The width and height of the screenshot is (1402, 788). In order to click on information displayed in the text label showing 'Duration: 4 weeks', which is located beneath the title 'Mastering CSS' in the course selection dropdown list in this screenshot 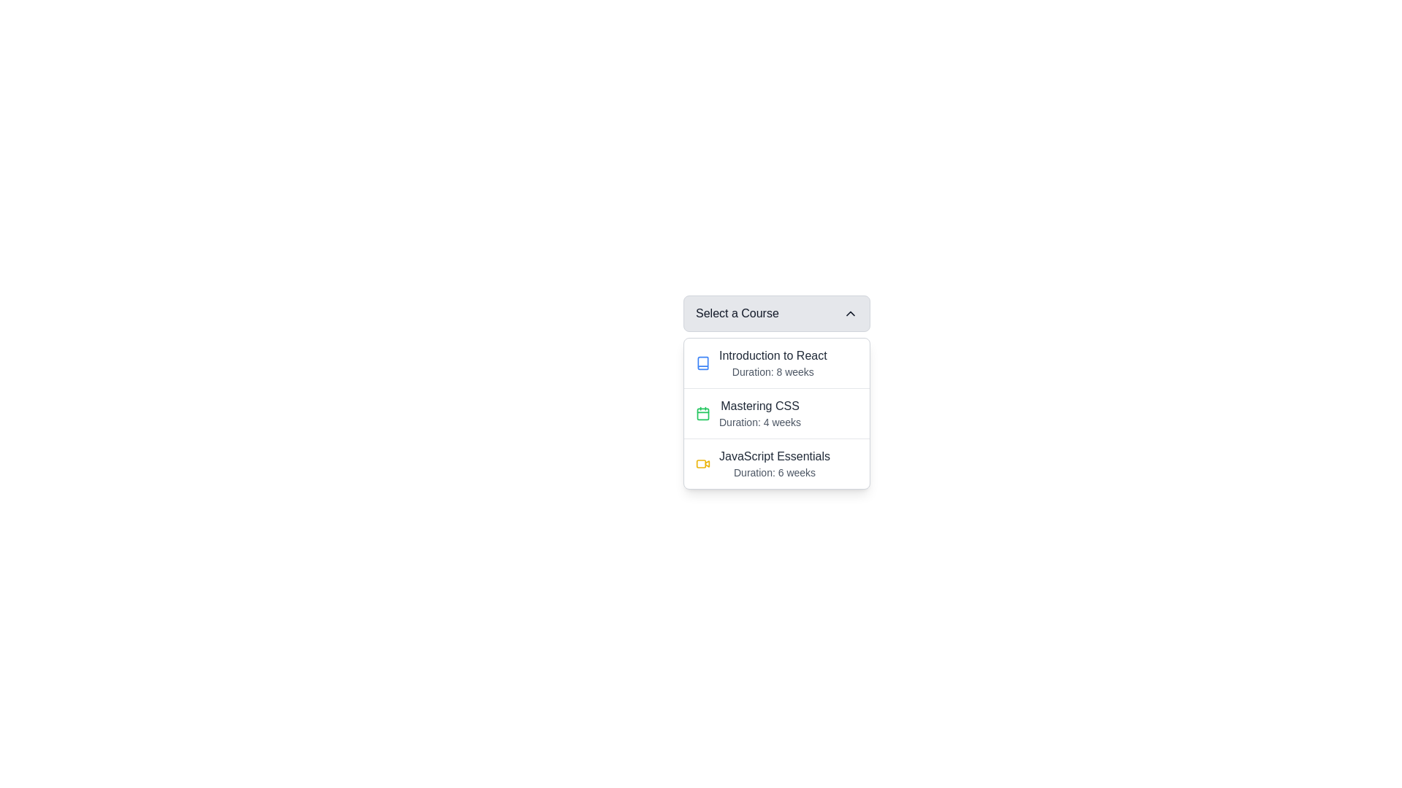, I will do `click(759, 422)`.